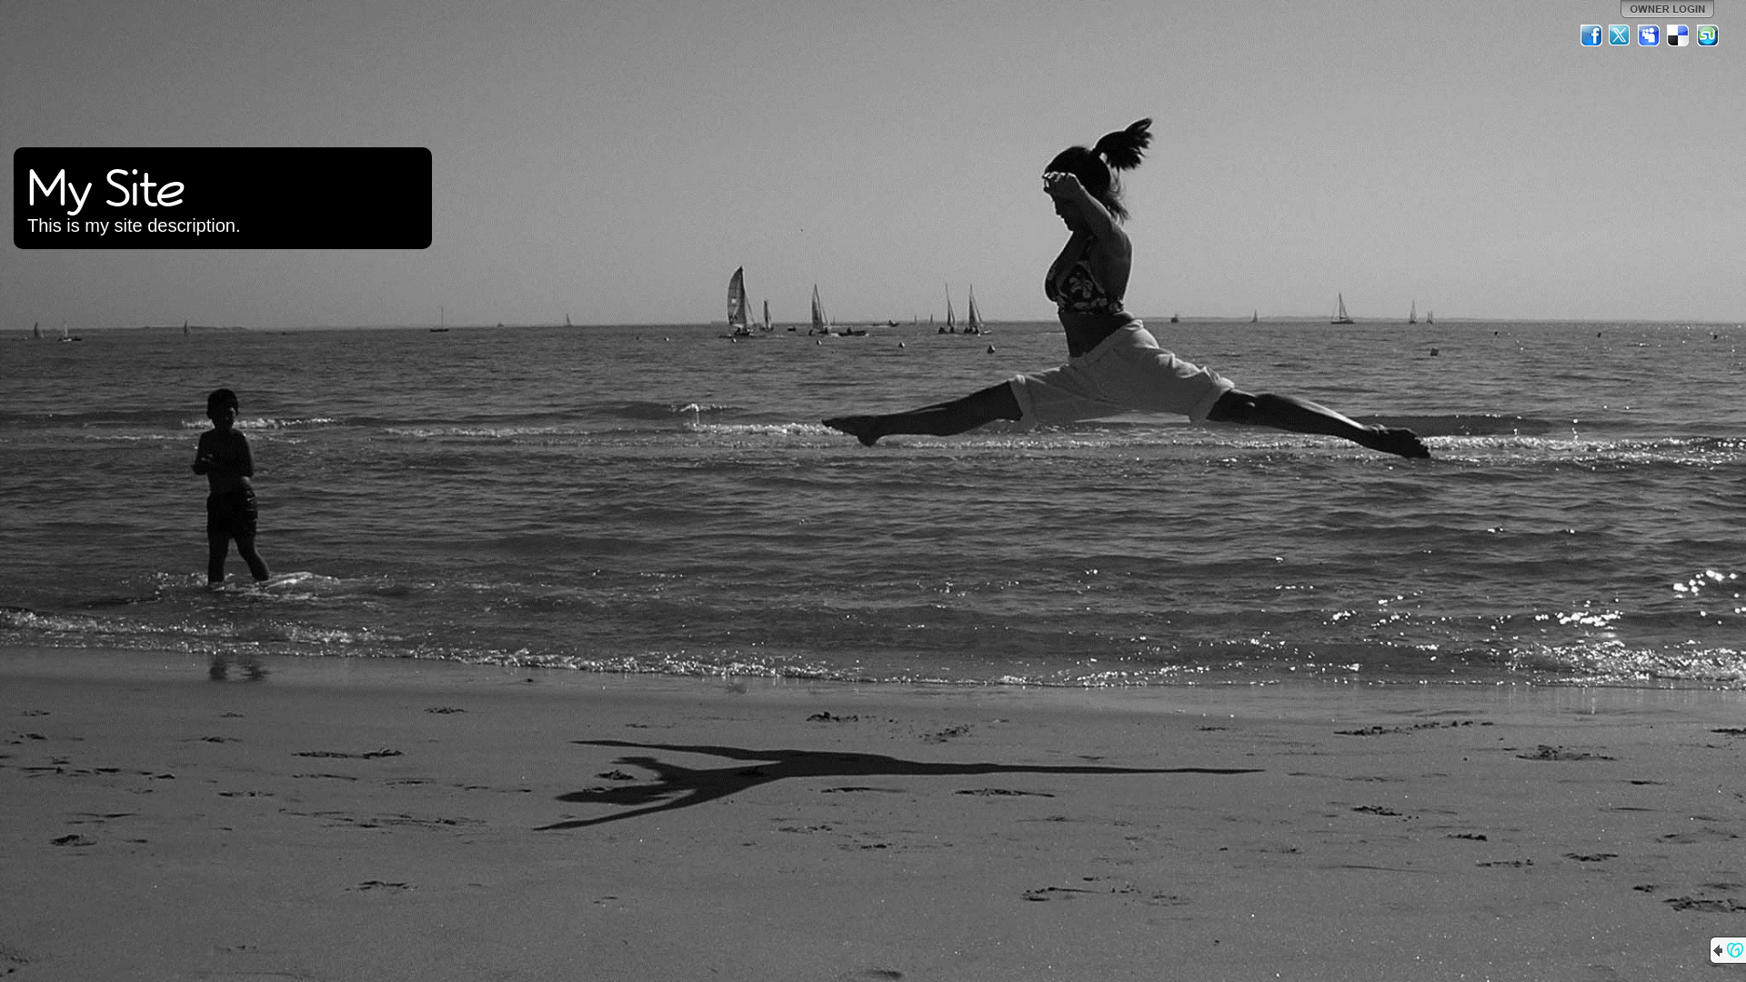 This screenshot has width=1746, height=982. What do you see at coordinates (1590, 35) in the screenshot?
I see `'Facebook'` at bounding box center [1590, 35].